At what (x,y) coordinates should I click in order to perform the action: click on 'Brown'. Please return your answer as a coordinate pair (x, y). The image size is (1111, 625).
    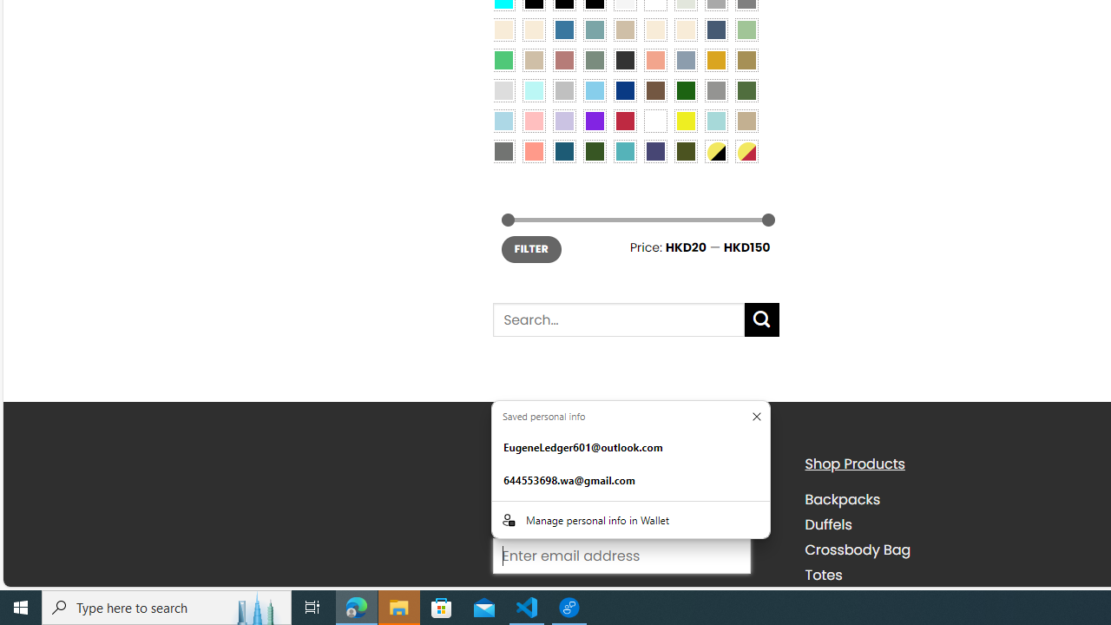
    Looking at the image, I should click on (654, 89).